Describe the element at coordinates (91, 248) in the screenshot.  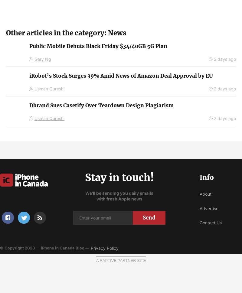
I see `'Privacy Policy'` at that location.